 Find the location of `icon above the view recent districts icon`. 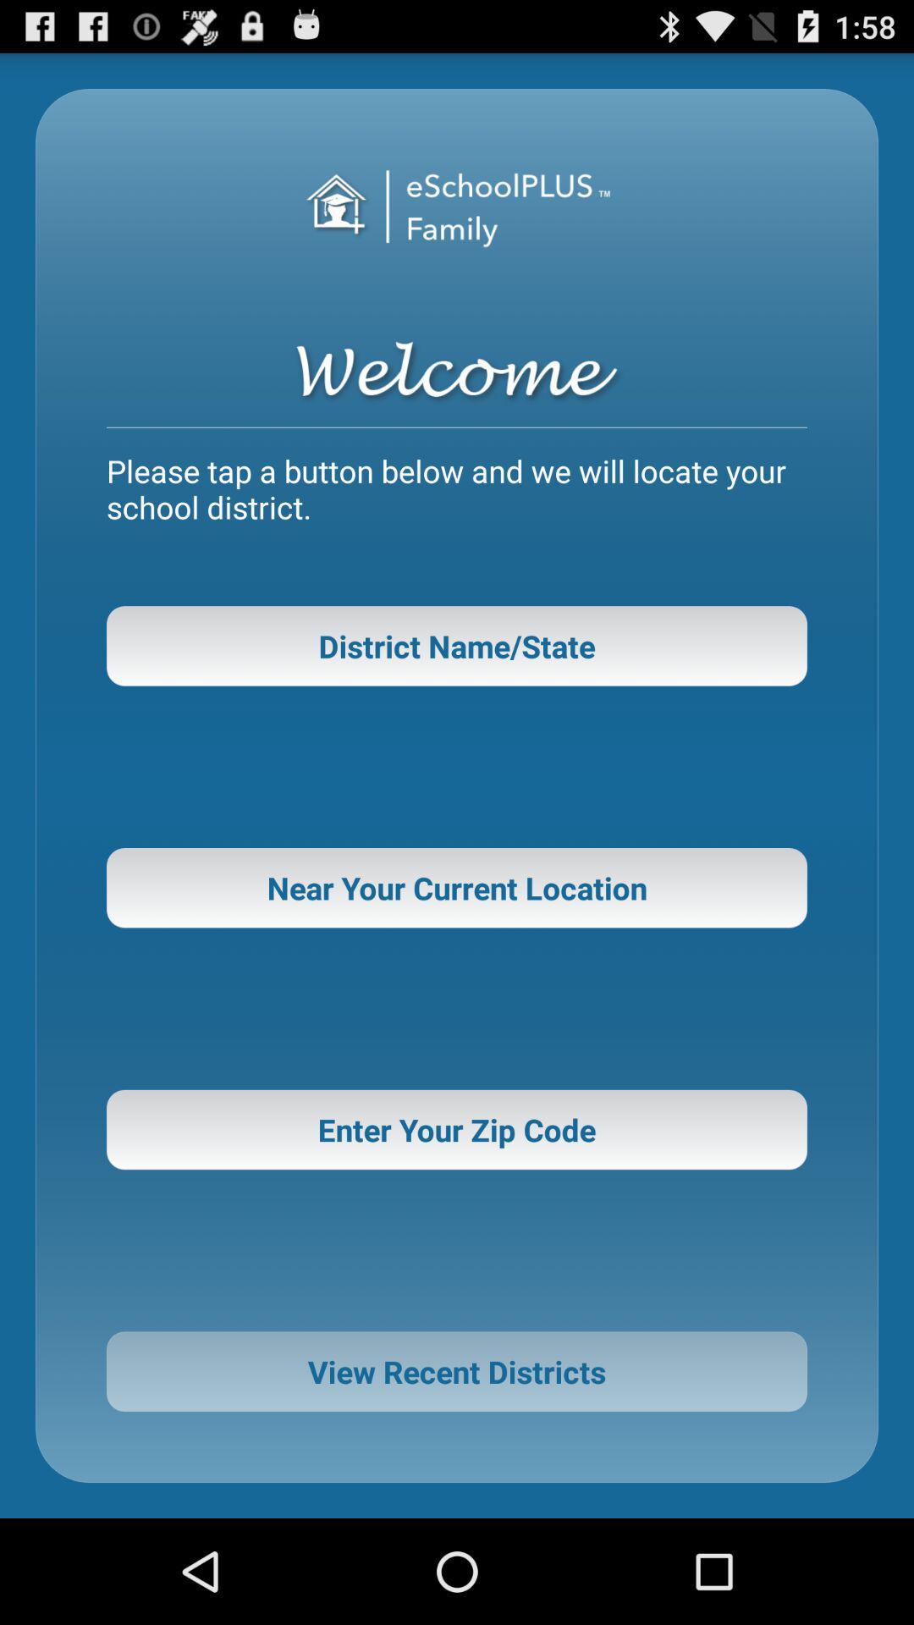

icon above the view recent districts icon is located at coordinates (457, 1129).